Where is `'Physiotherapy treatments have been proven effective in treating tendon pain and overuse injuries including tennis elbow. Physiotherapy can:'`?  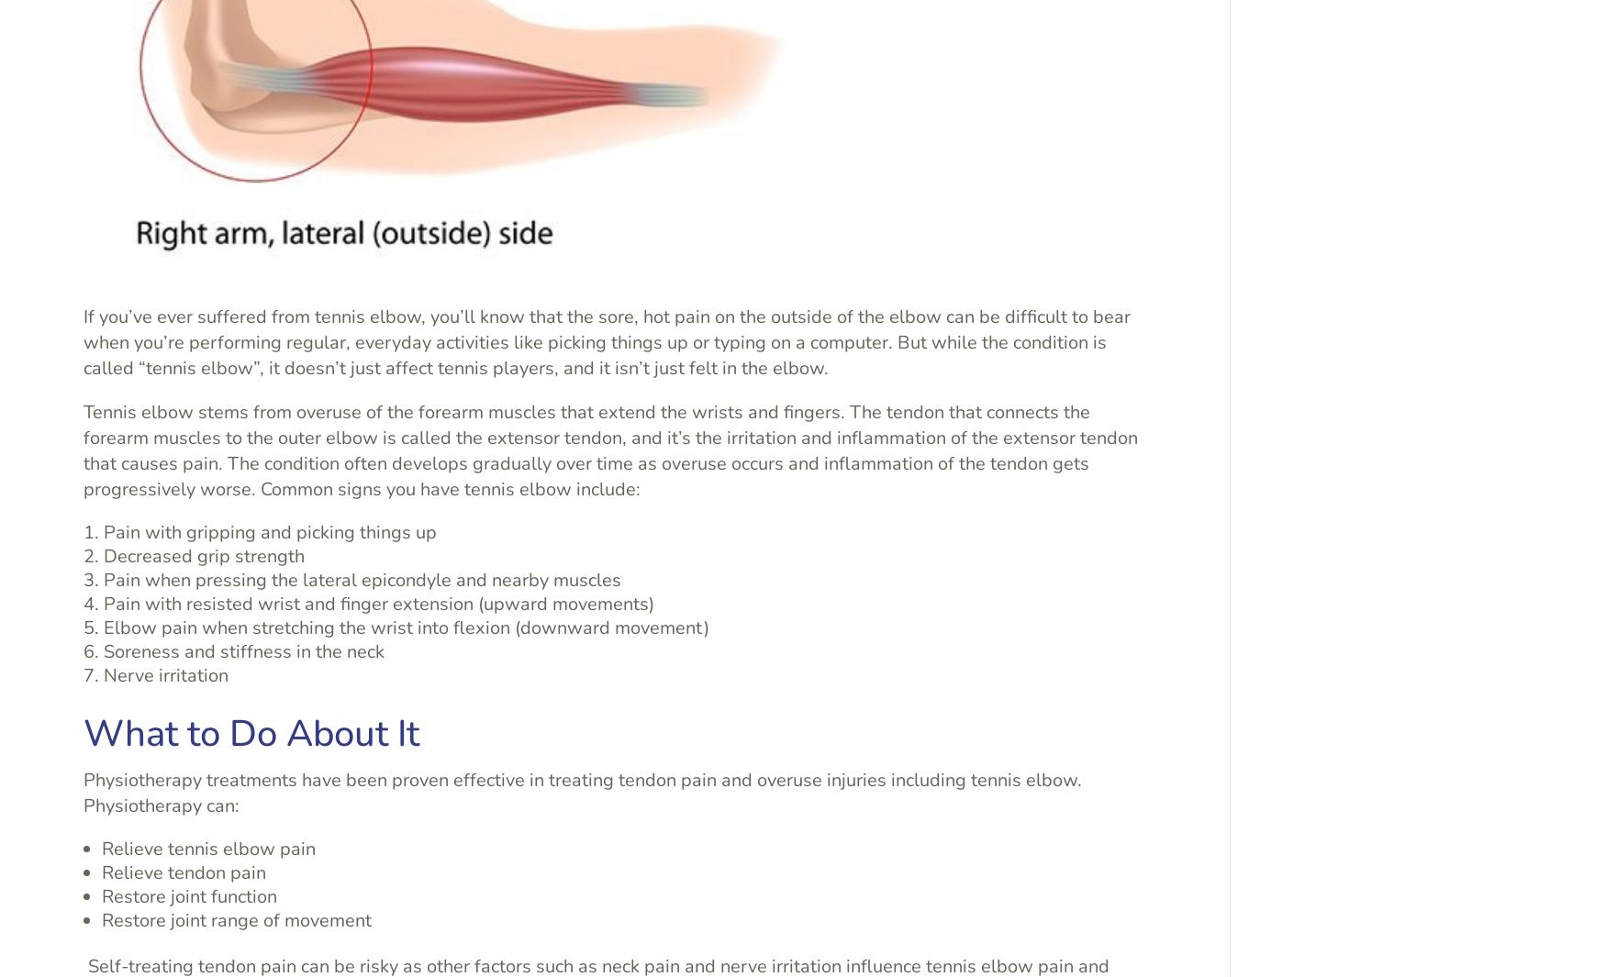
'Physiotherapy treatments have been proven effective in treating tendon pain and overuse injuries including tennis elbow. Physiotherapy can:' is located at coordinates (582, 792).